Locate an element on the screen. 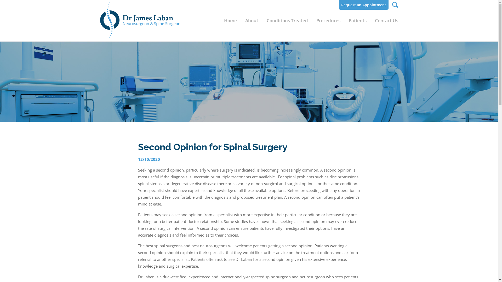 The image size is (502, 282). 'Conditions Treated' is located at coordinates (287, 20).